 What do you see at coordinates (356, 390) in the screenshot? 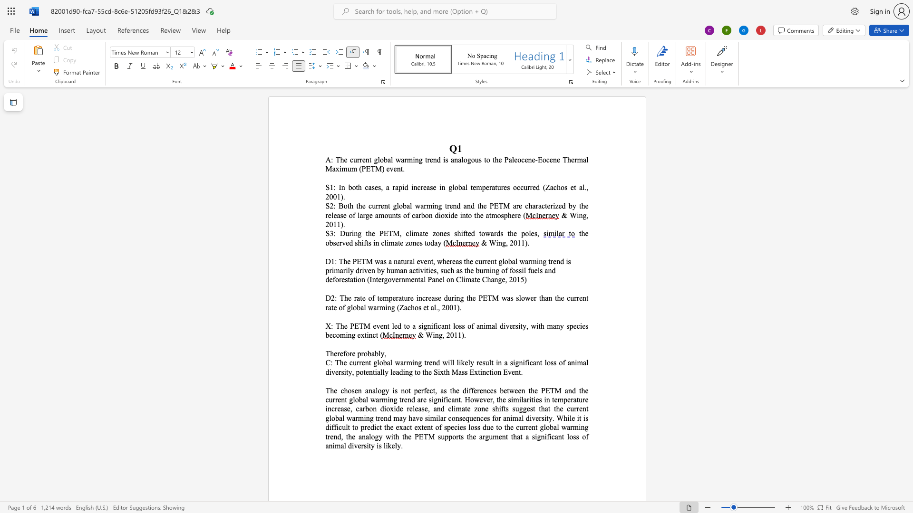
I see `the 2th character "e" in the text` at bounding box center [356, 390].